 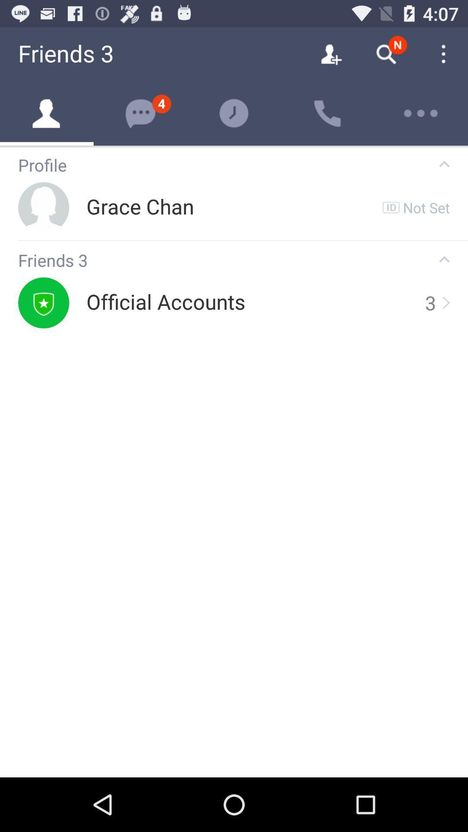 I want to click on official accounts item, so click(x=166, y=302).